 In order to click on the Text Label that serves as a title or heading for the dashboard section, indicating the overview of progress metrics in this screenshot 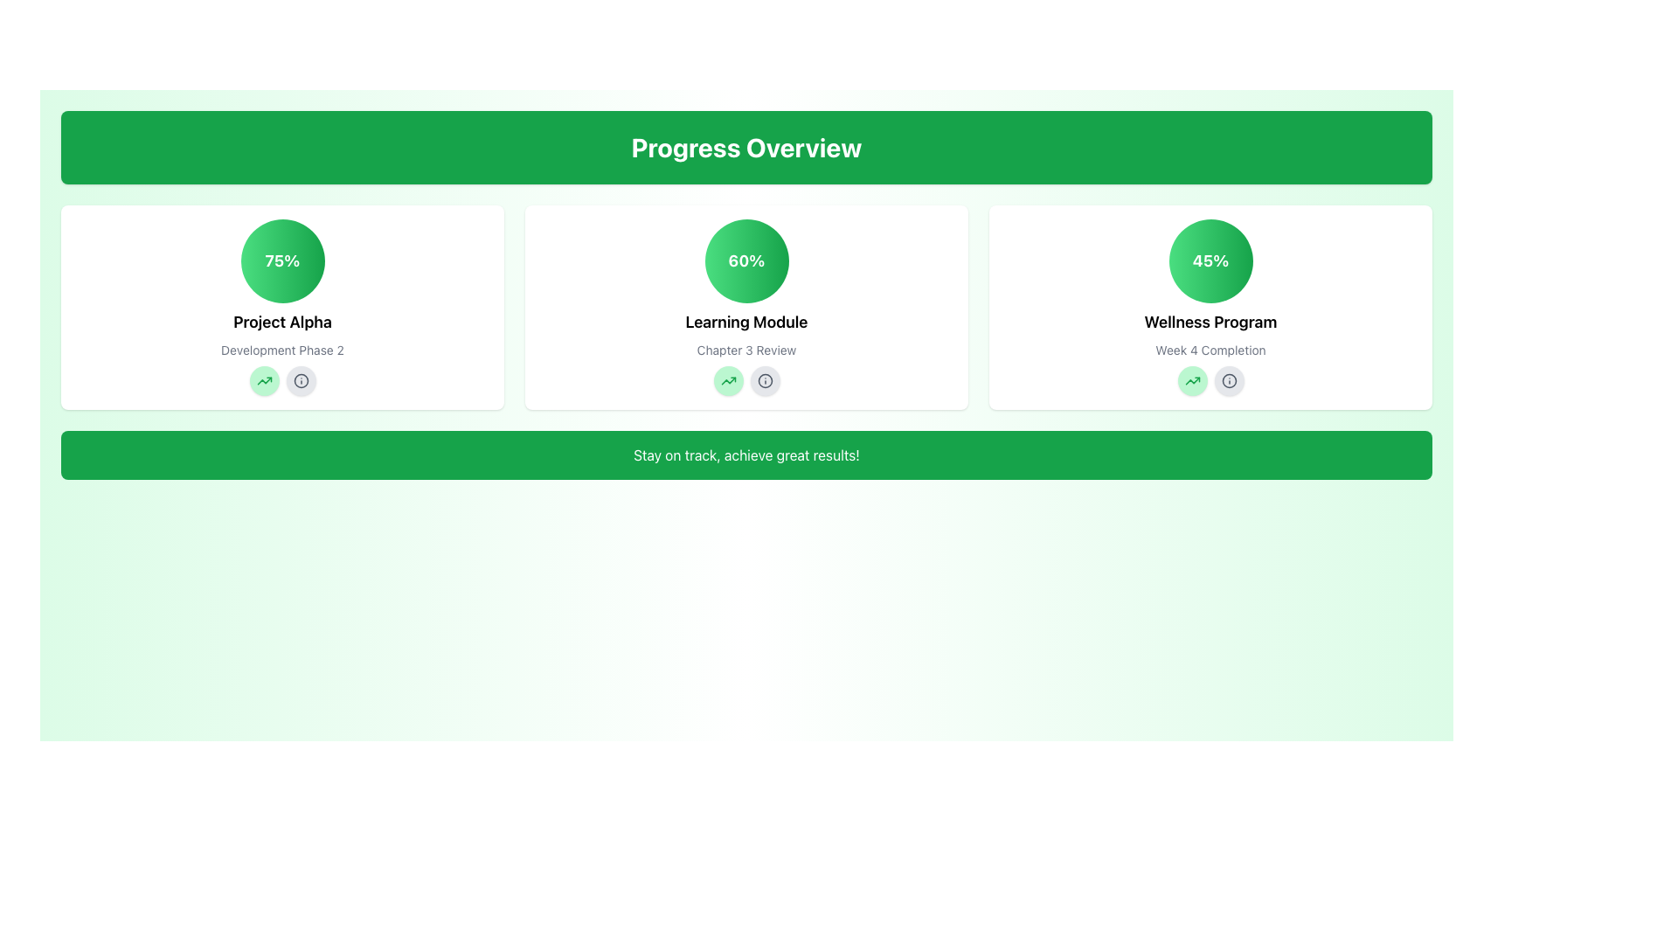, I will do `click(746, 147)`.